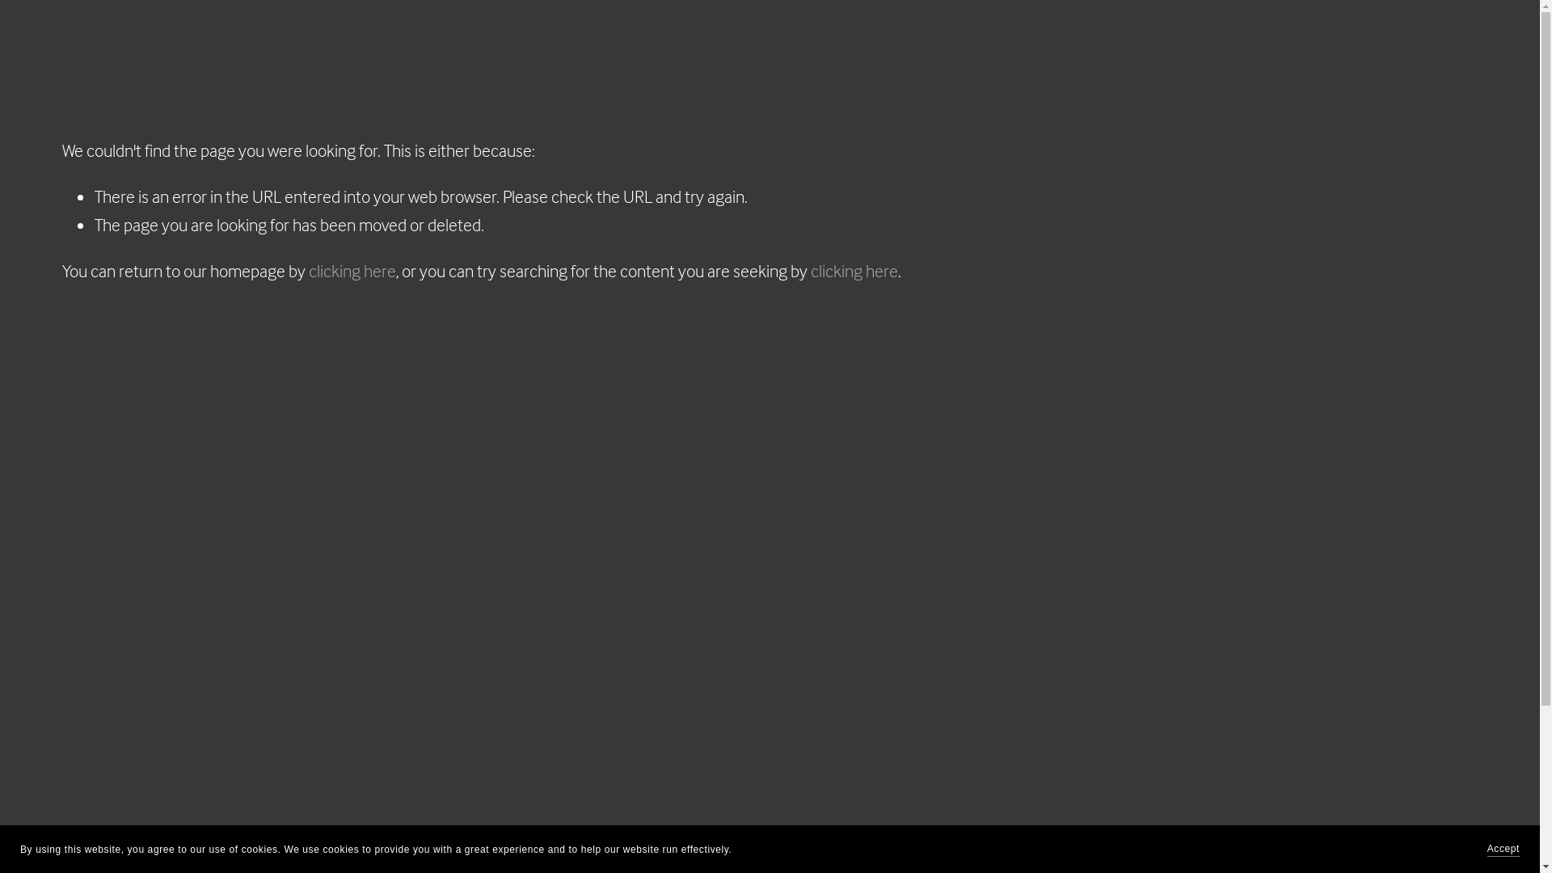 Image resolution: width=1552 pixels, height=873 pixels. Describe the element at coordinates (853, 270) in the screenshot. I see `'clicking here'` at that location.